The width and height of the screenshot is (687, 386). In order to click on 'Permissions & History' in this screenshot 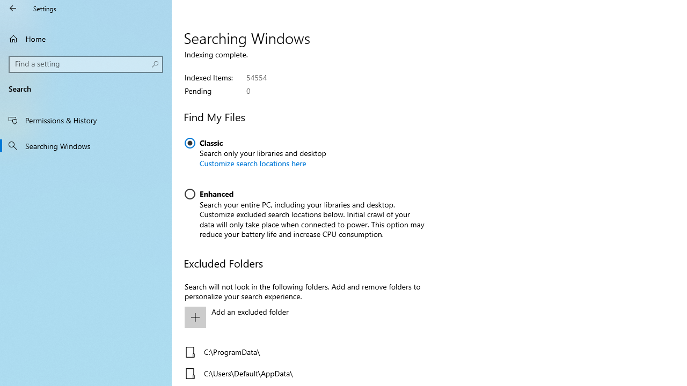, I will do `click(86, 120)`.